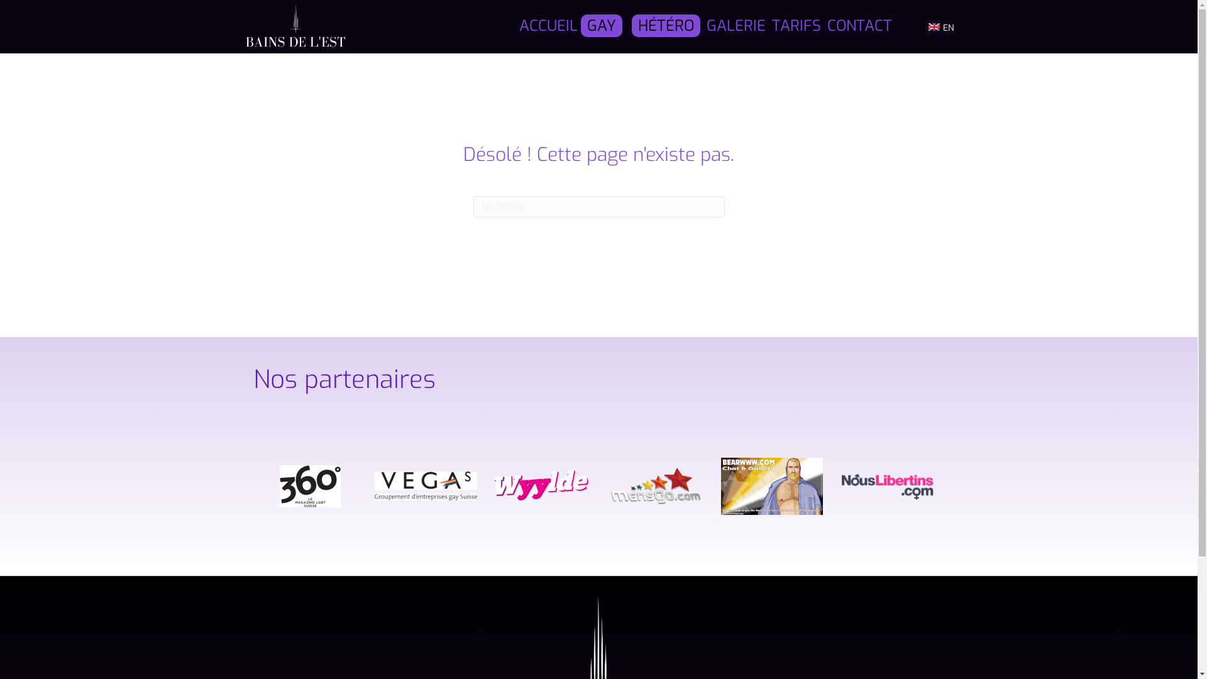 This screenshot has height=679, width=1207. I want to click on 'TARIFS', so click(796, 26).